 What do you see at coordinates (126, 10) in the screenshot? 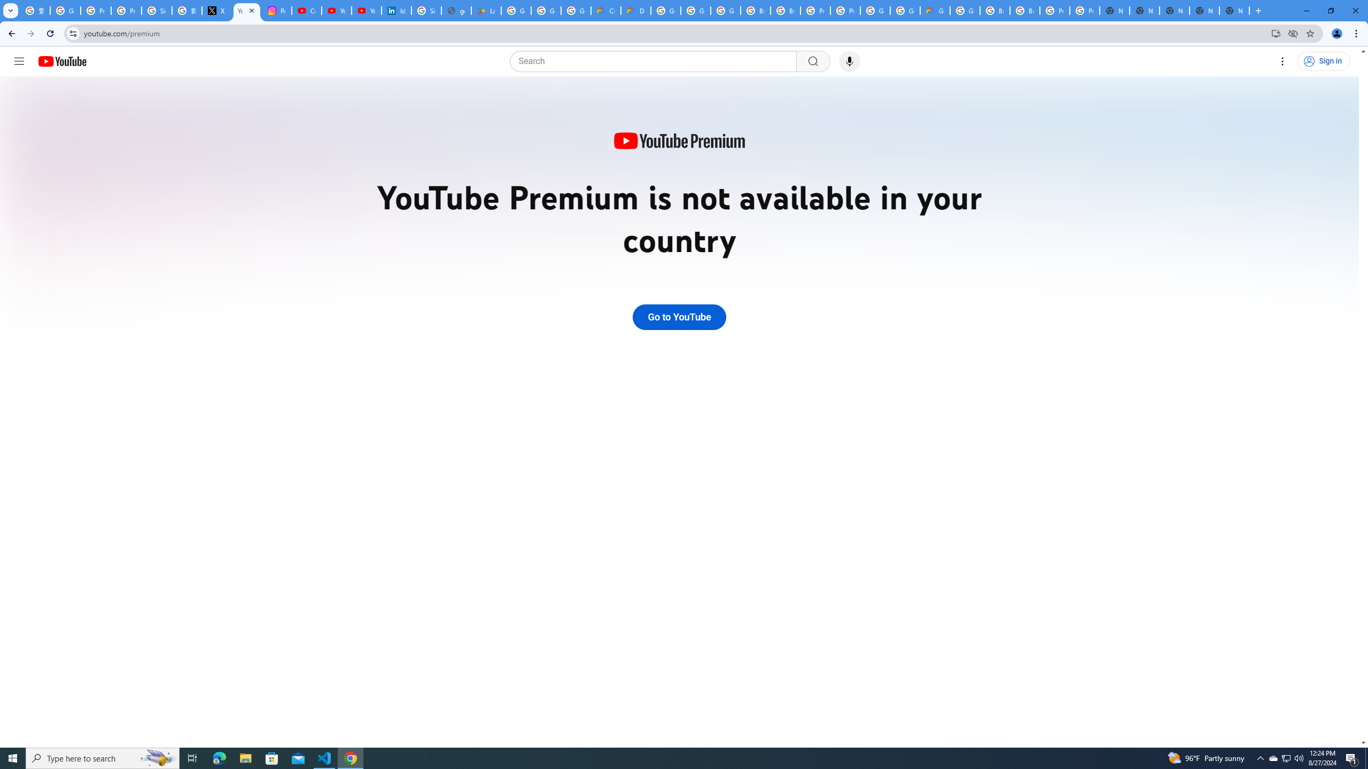
I see `'Privacy Help Center - Policies Help'` at bounding box center [126, 10].